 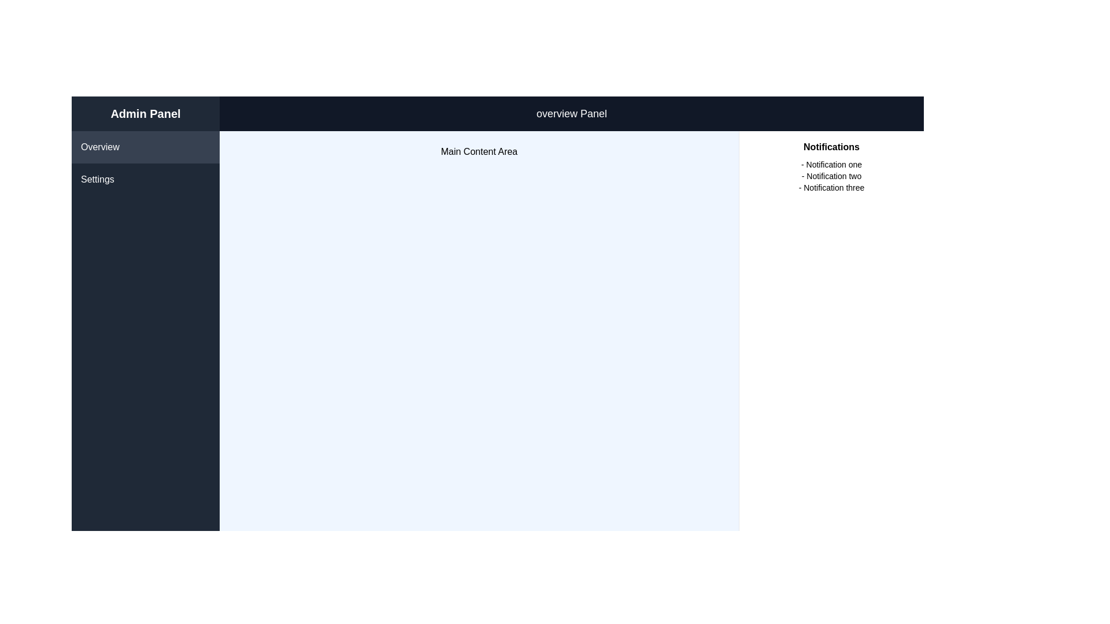 I want to click on the third static text element under the 'Notifications' section, which displays the third notification item, so click(x=831, y=187).